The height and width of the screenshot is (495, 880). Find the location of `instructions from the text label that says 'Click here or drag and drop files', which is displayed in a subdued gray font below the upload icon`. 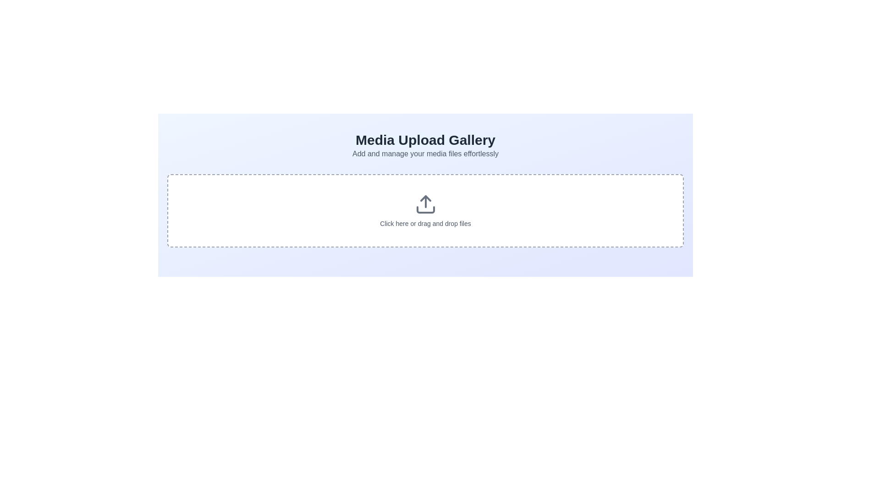

instructions from the text label that says 'Click here or drag and drop files', which is displayed in a subdued gray font below the upload icon is located at coordinates (425, 224).